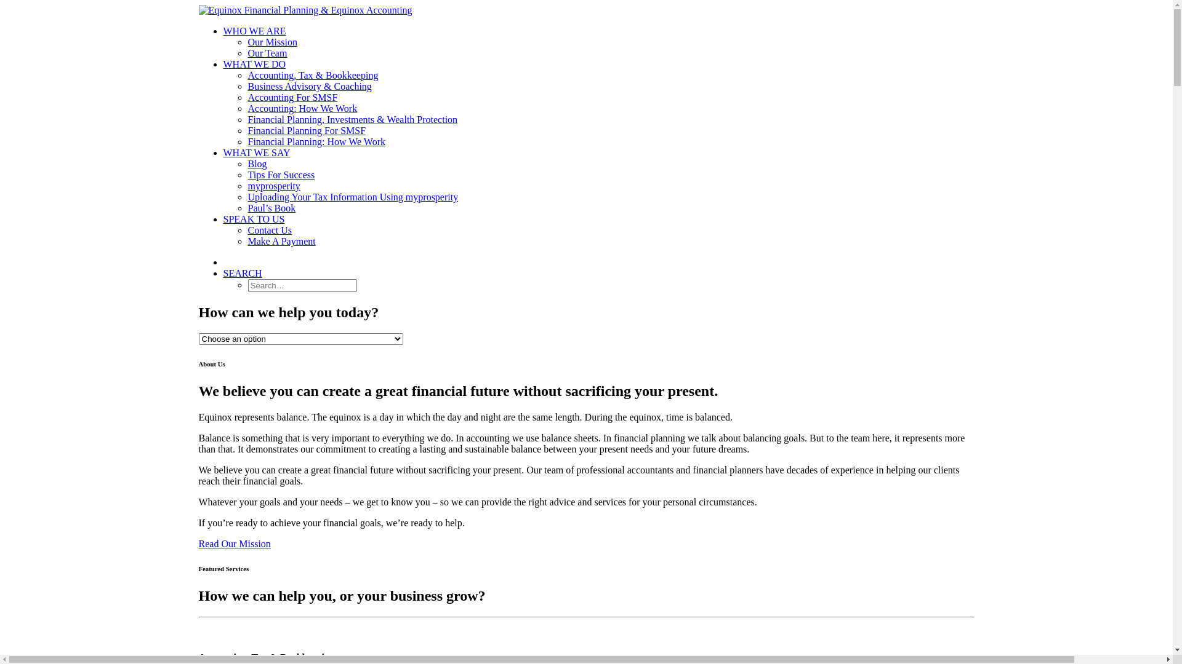  What do you see at coordinates (309, 85) in the screenshot?
I see `'Business Advisory & Coaching'` at bounding box center [309, 85].